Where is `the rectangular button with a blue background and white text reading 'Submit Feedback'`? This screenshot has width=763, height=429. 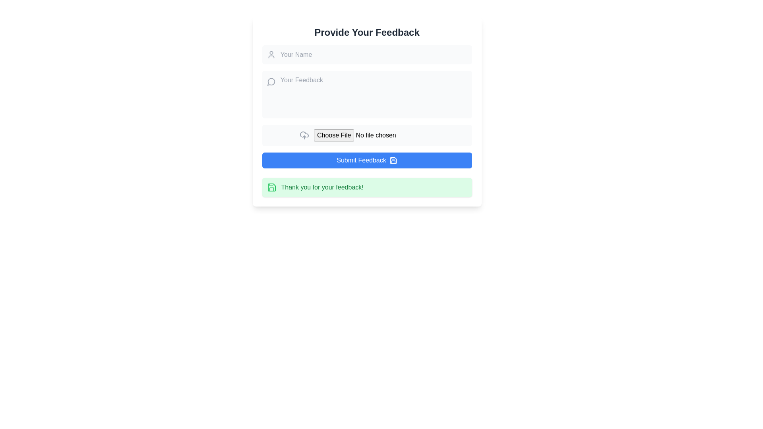
the rectangular button with a blue background and white text reading 'Submit Feedback' is located at coordinates (366, 160).